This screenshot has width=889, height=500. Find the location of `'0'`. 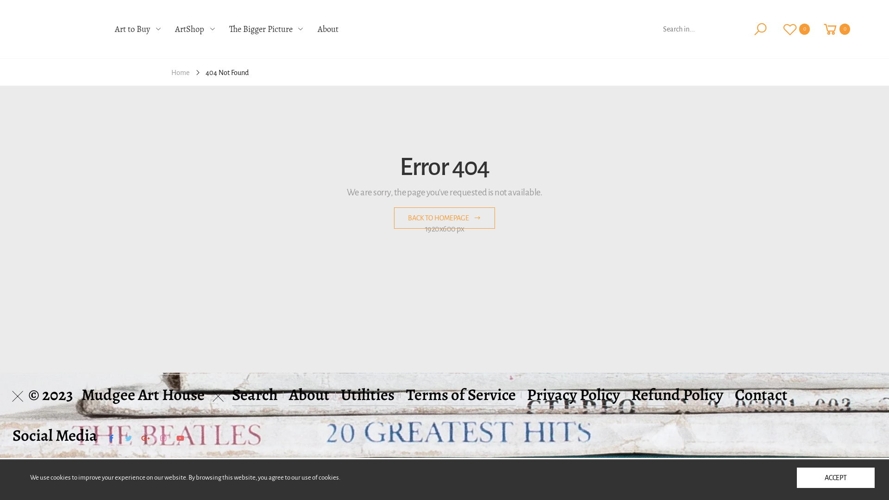

'0' is located at coordinates (836, 28).